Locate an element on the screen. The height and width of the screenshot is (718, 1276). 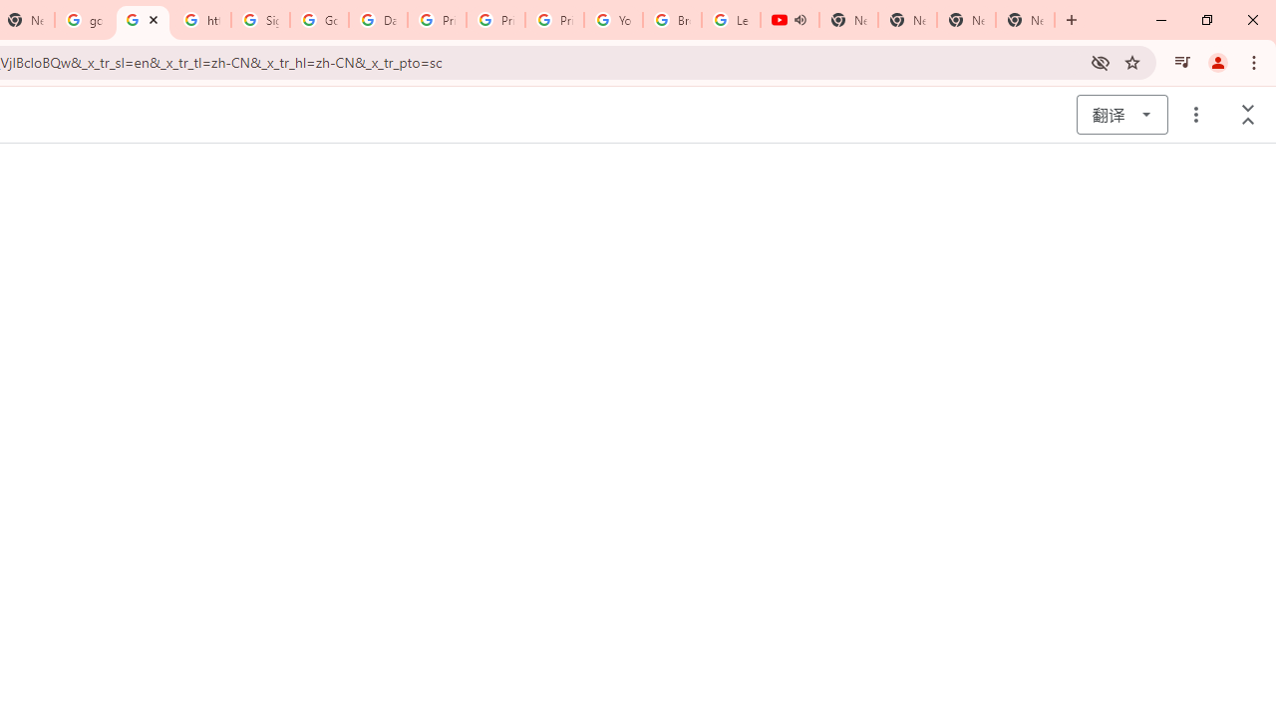
'https://scholar.google.com/' is located at coordinates (201, 20).